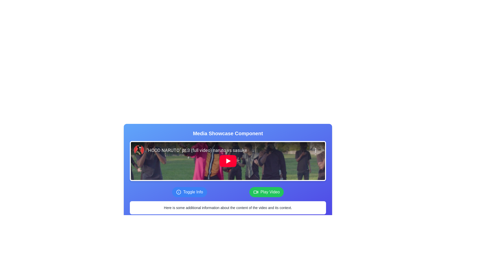 Image resolution: width=486 pixels, height=273 pixels. Describe the element at coordinates (266, 192) in the screenshot. I see `the second interactive button to the right of the blue 'Toggle Info' button` at that location.